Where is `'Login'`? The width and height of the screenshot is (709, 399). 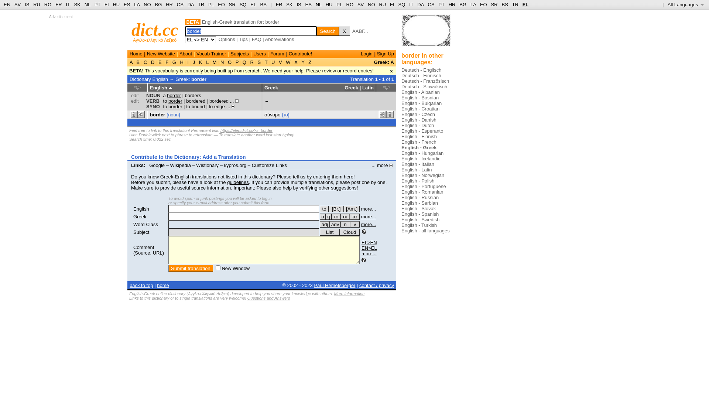 'Login' is located at coordinates (367, 53).